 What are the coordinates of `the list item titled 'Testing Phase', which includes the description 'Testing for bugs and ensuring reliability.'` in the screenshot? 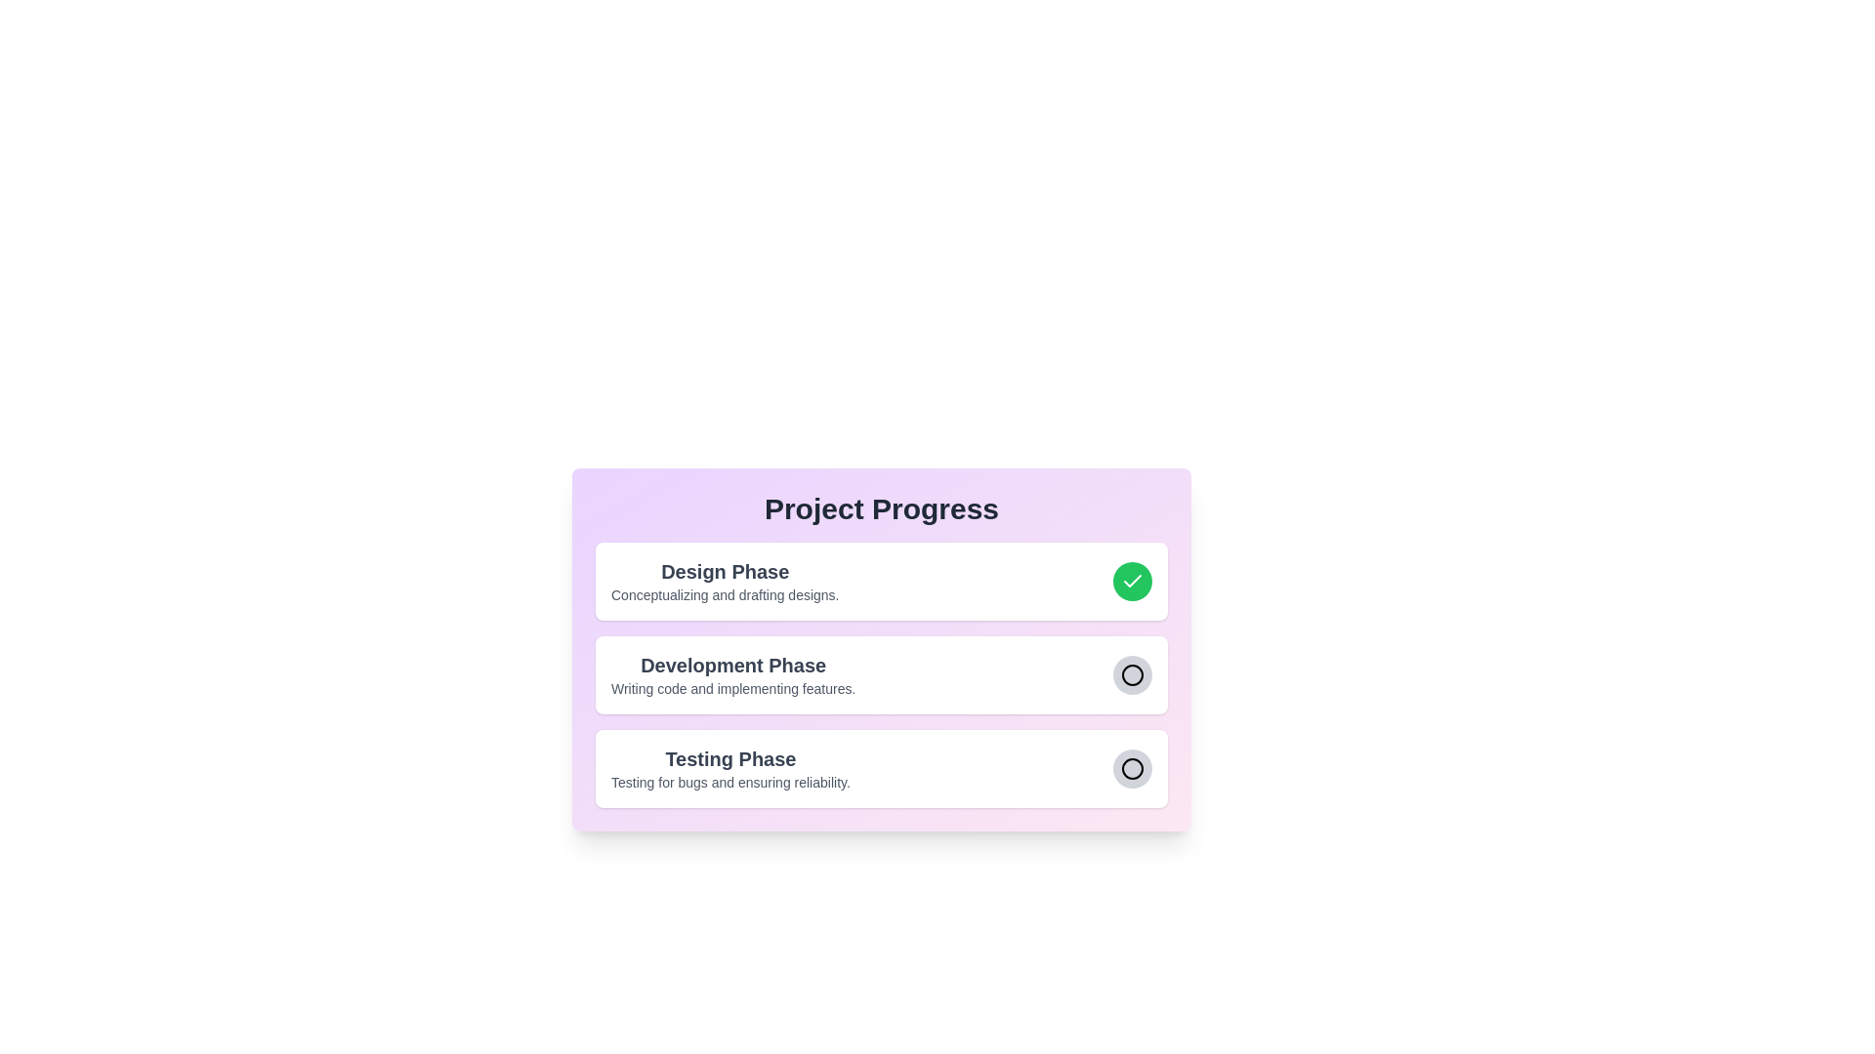 It's located at (880, 767).